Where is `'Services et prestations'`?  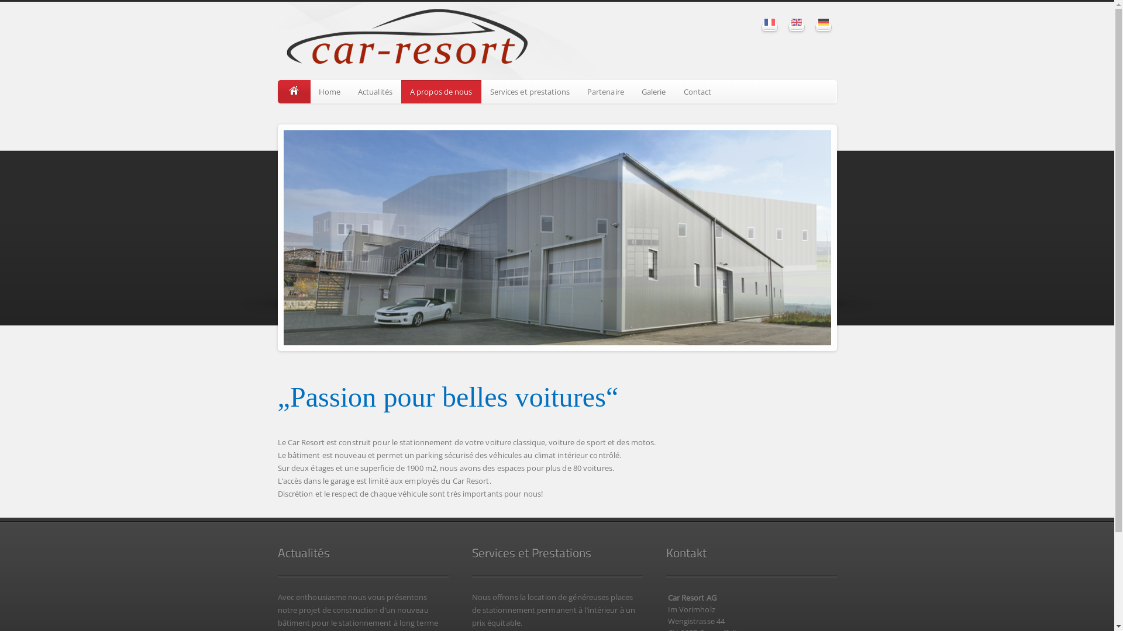
'Services et prestations' is located at coordinates (529, 91).